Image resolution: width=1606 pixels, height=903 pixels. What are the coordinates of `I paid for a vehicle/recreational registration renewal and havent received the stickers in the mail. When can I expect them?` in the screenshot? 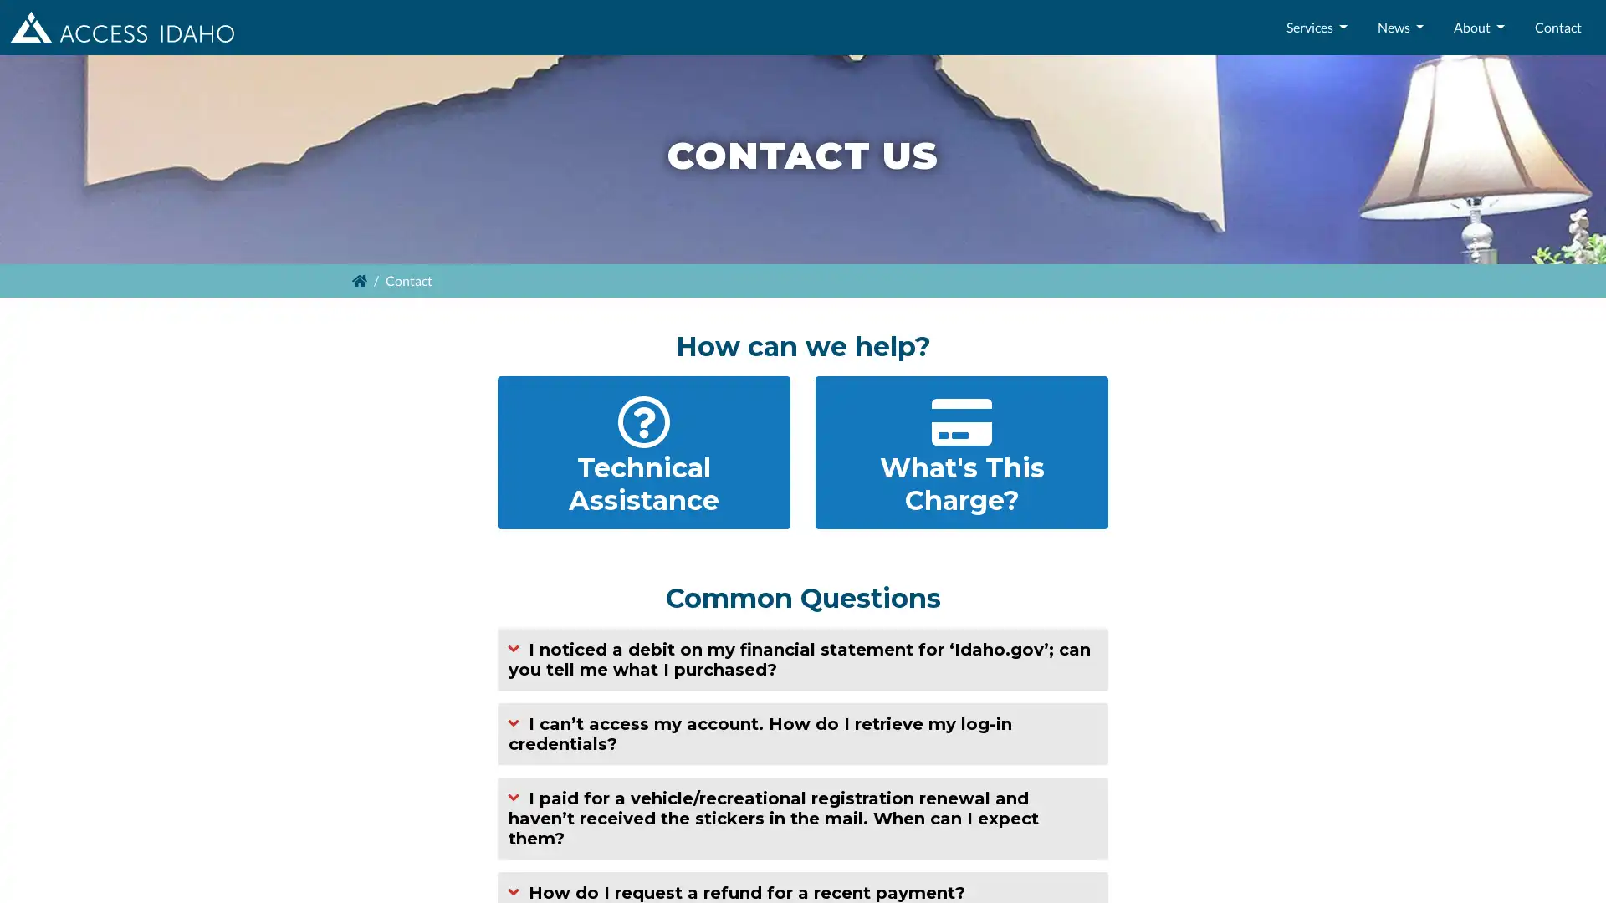 It's located at (803, 817).